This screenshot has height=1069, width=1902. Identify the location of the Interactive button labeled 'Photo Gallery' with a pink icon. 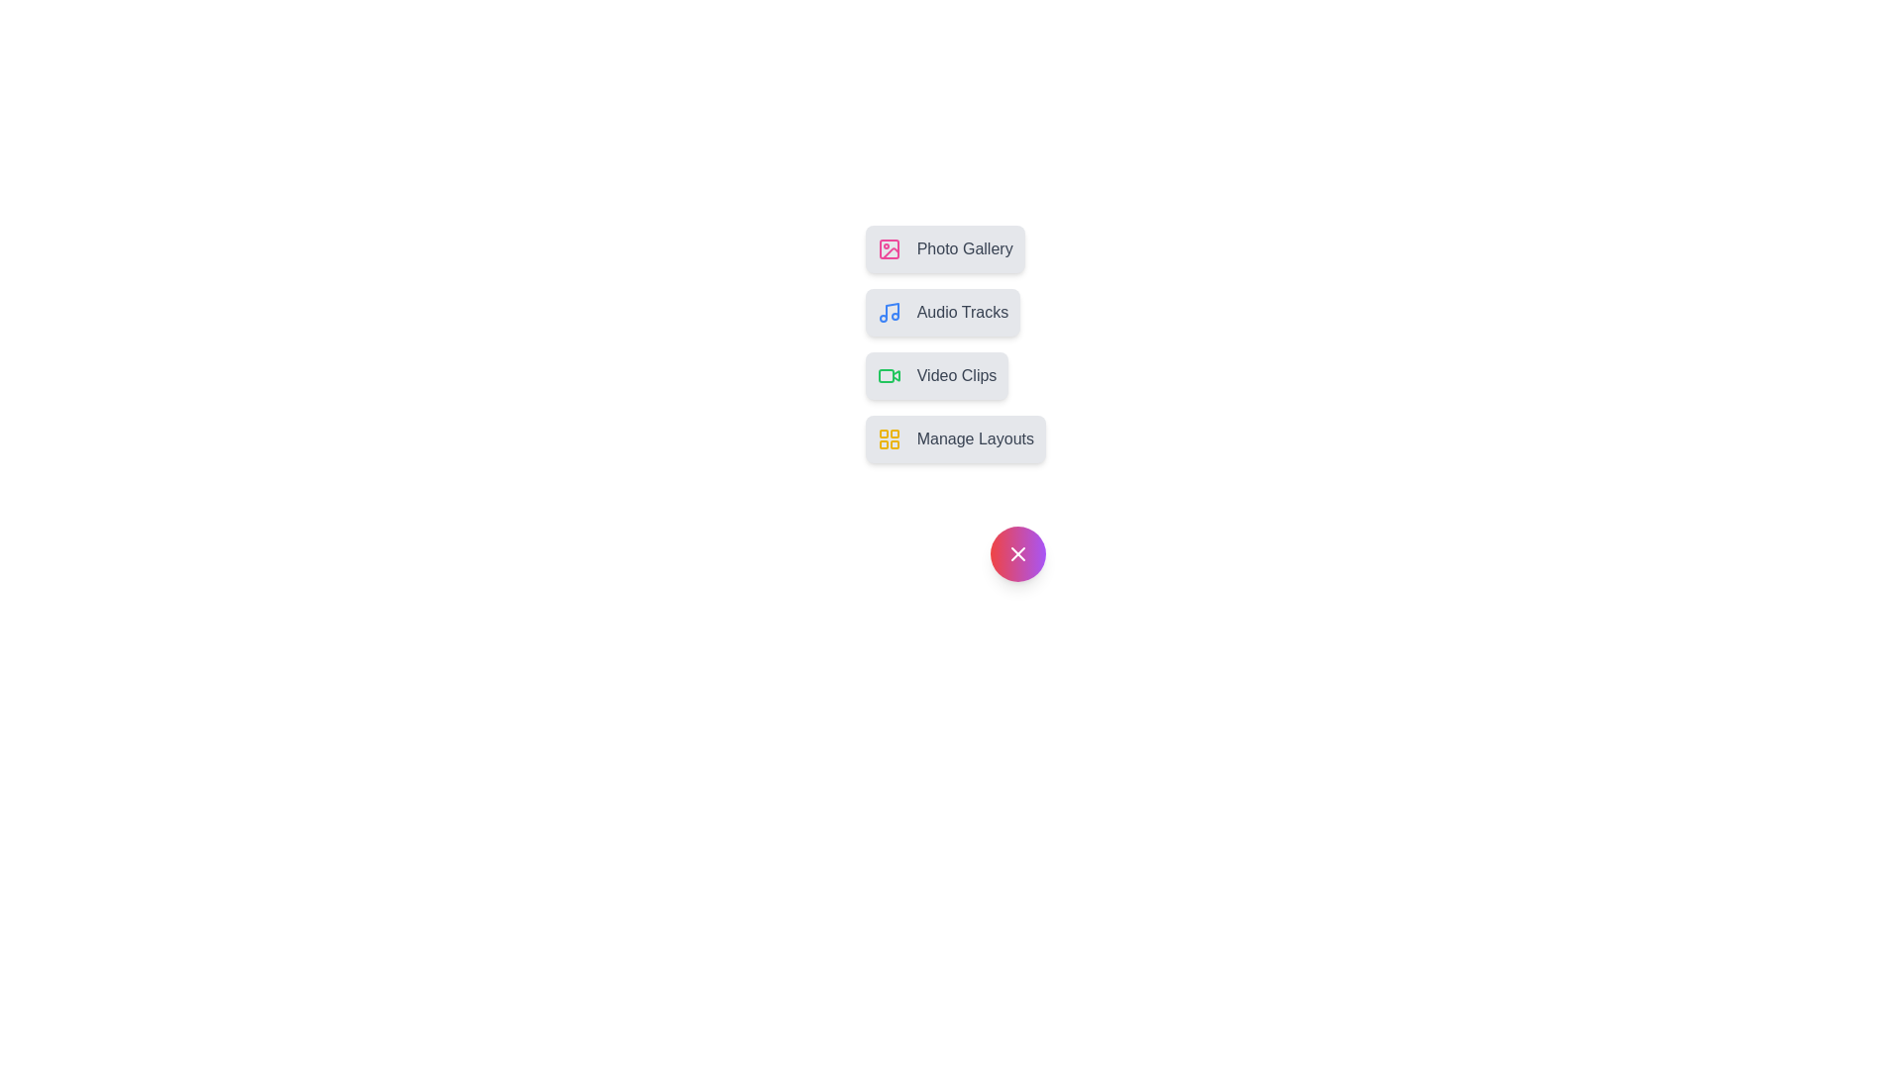
(944, 247).